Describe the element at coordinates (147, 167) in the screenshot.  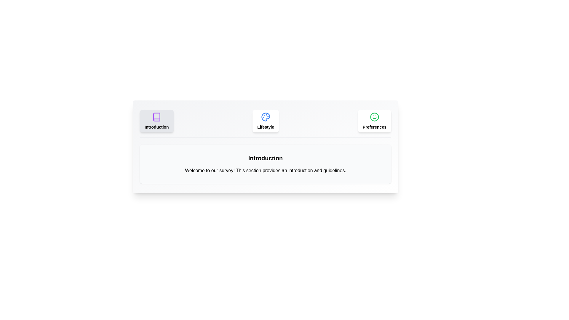
I see `the text content in the active section for copying` at that location.